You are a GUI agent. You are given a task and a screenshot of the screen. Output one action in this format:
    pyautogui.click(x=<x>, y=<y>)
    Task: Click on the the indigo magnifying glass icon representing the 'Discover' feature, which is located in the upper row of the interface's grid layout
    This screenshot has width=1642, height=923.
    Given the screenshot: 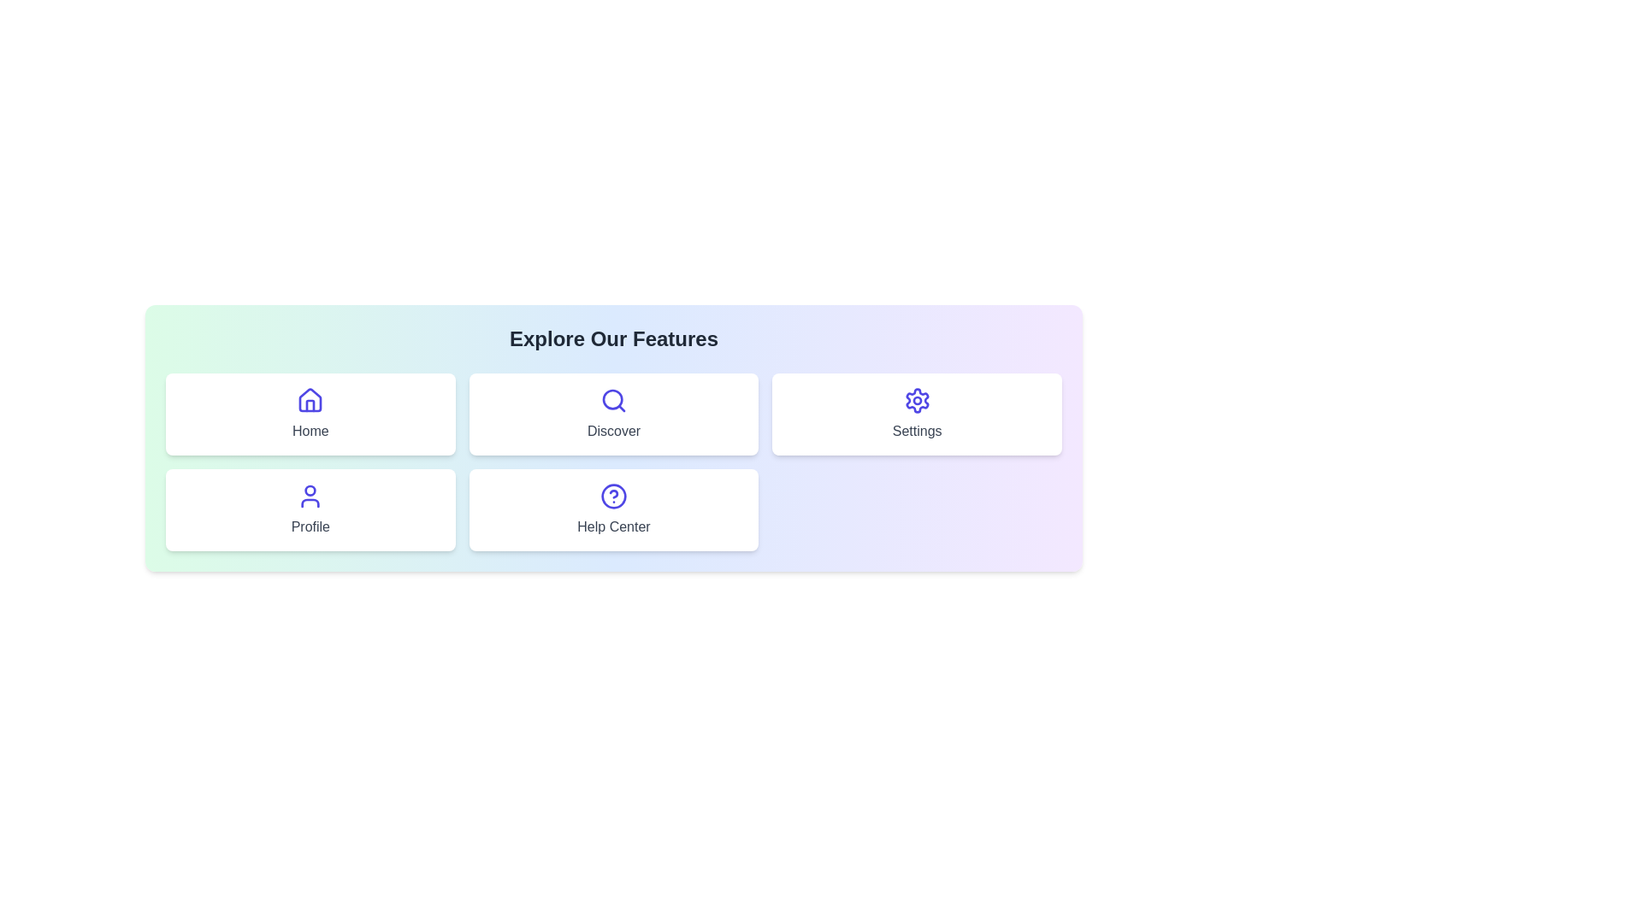 What is the action you would take?
    pyautogui.click(x=613, y=401)
    